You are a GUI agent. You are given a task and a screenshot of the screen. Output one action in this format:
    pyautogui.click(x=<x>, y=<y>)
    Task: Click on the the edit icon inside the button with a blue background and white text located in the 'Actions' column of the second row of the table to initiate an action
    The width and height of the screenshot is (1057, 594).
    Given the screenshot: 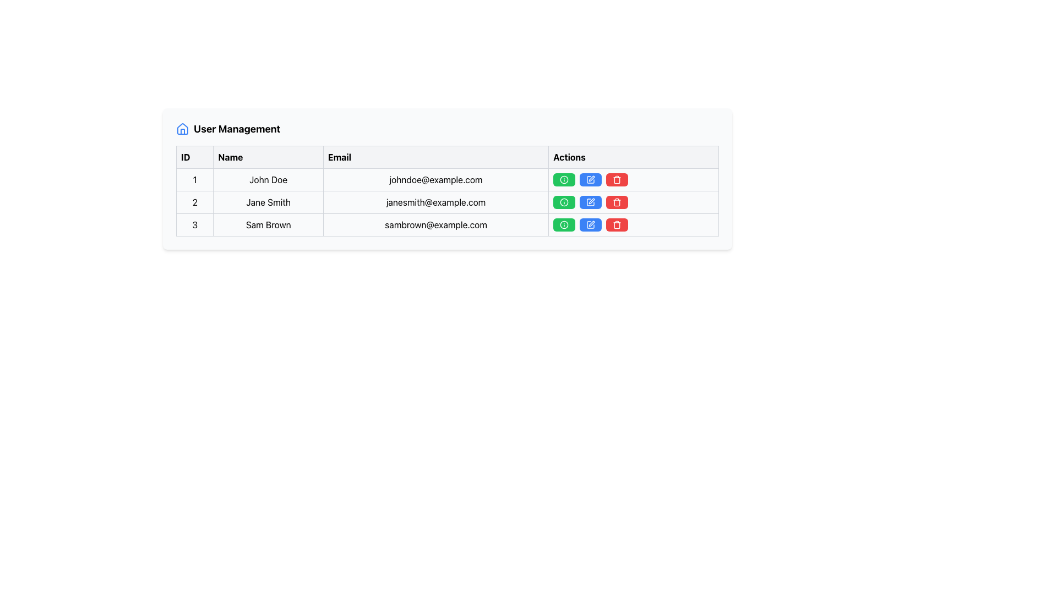 What is the action you would take?
    pyautogui.click(x=590, y=202)
    